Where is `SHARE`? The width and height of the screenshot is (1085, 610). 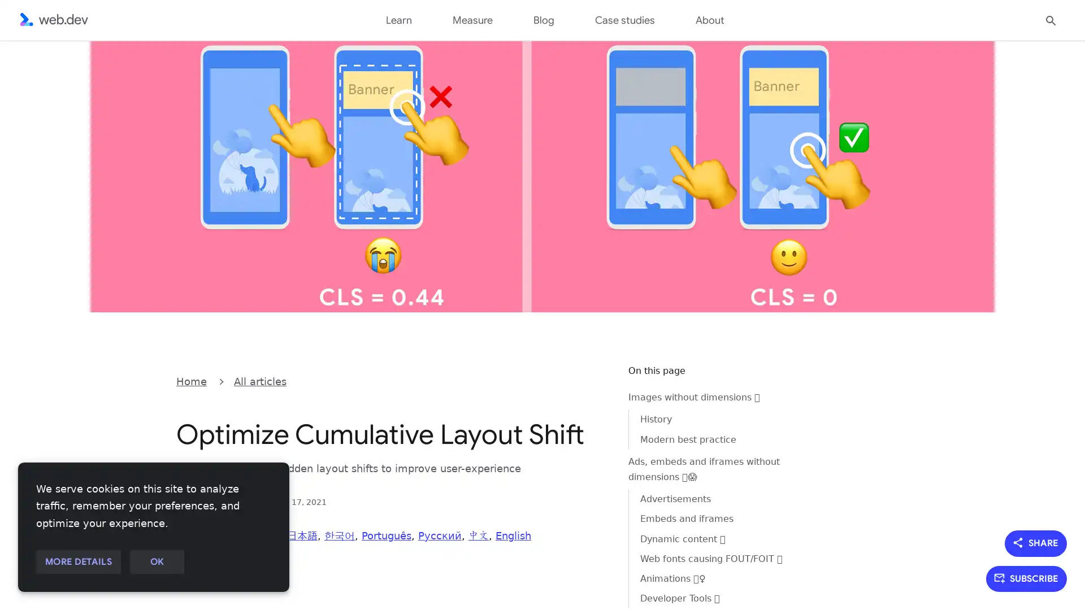
SHARE is located at coordinates (1036, 542).